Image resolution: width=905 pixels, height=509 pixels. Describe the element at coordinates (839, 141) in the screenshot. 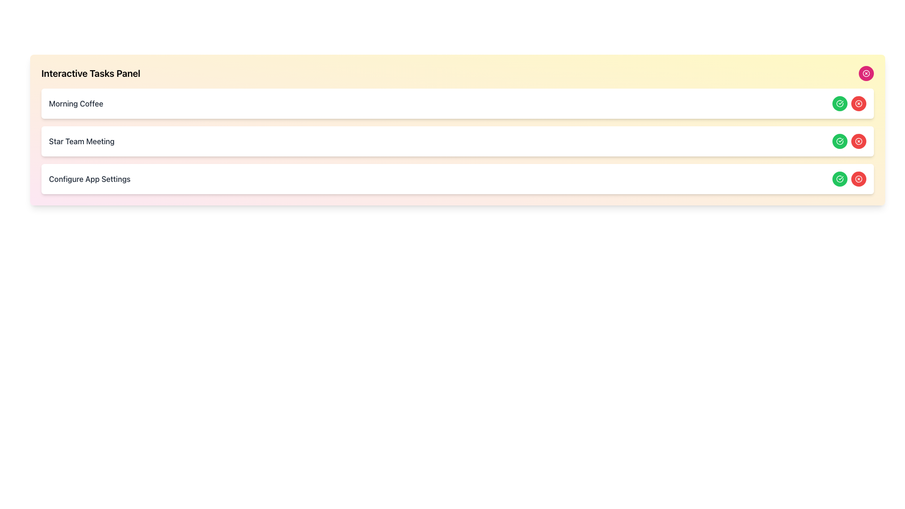

I see `the circular green button with a white checkmark icon` at that location.